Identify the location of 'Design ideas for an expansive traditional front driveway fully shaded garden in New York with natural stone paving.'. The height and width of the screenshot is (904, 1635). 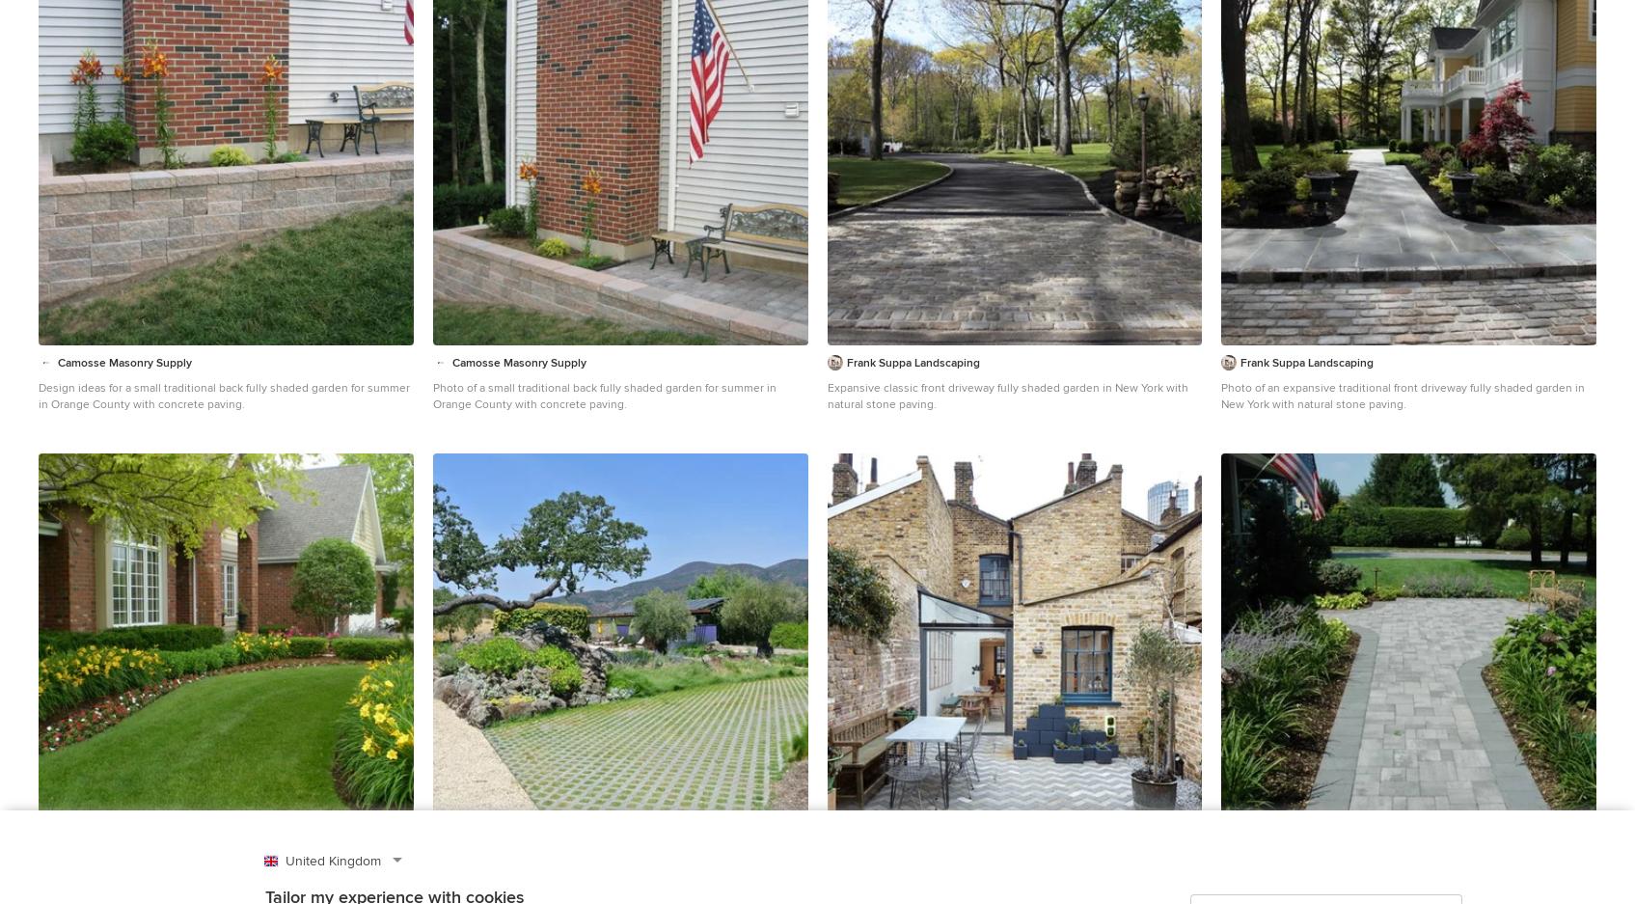
(1397, 879).